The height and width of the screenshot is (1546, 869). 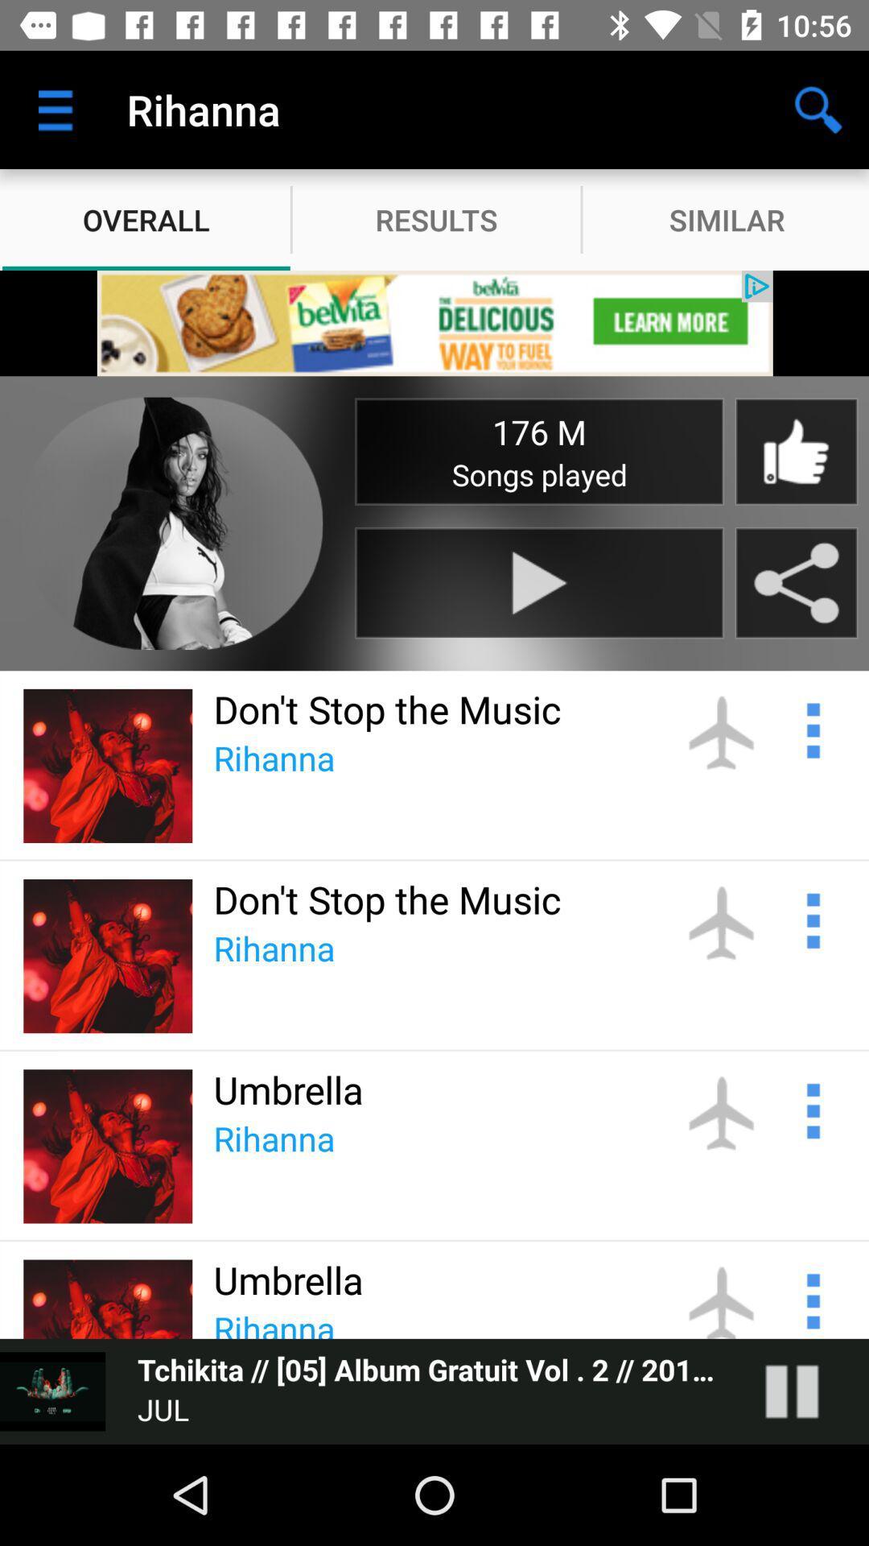 I want to click on the 2nd icon in blue color from the bottom, so click(x=811, y=1108).